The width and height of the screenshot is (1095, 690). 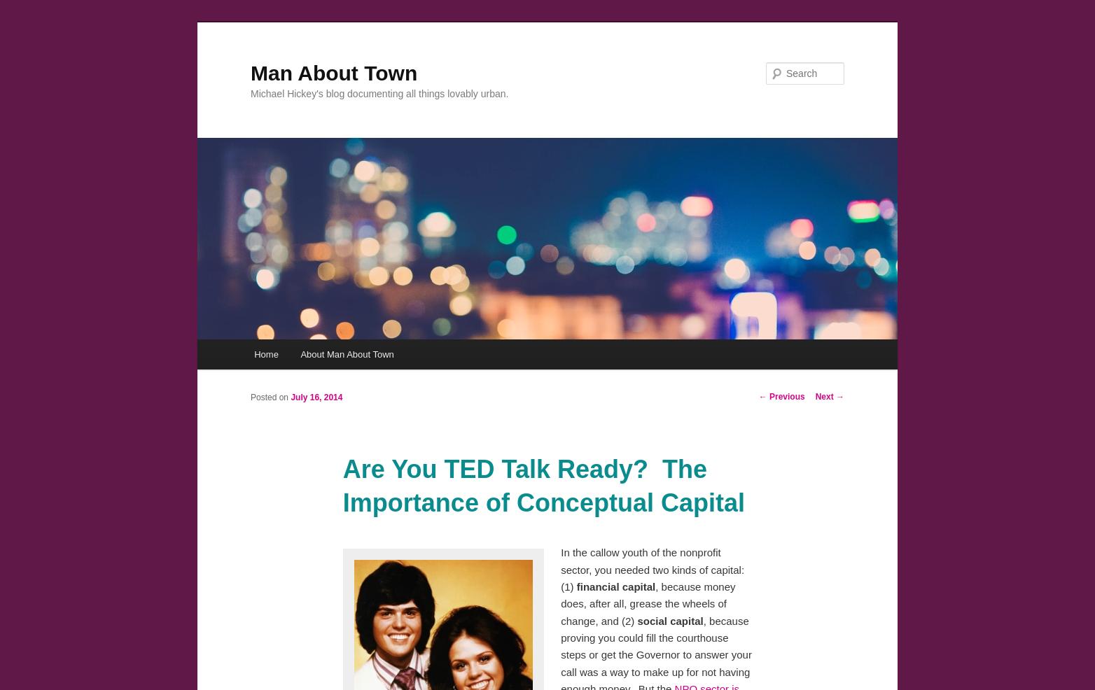 I want to click on 'Next', so click(x=825, y=396).